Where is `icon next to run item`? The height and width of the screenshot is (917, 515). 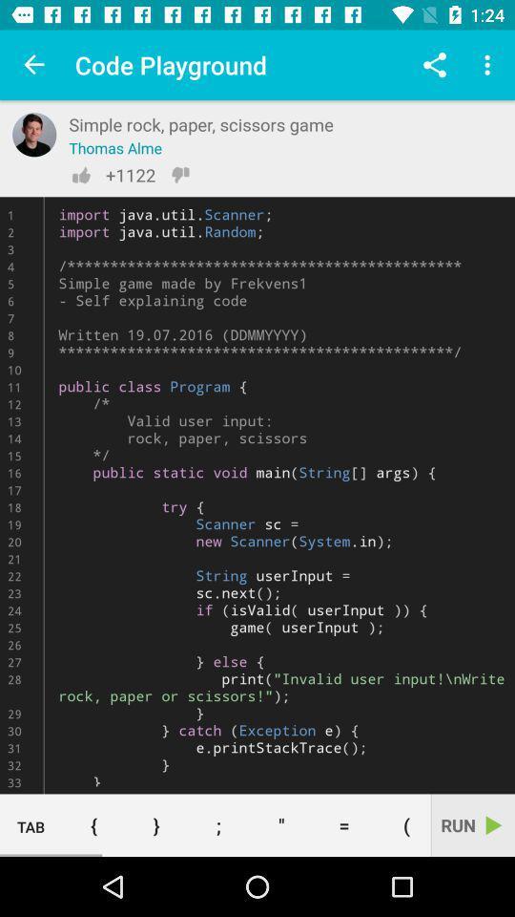
icon next to run item is located at coordinates (402, 824).